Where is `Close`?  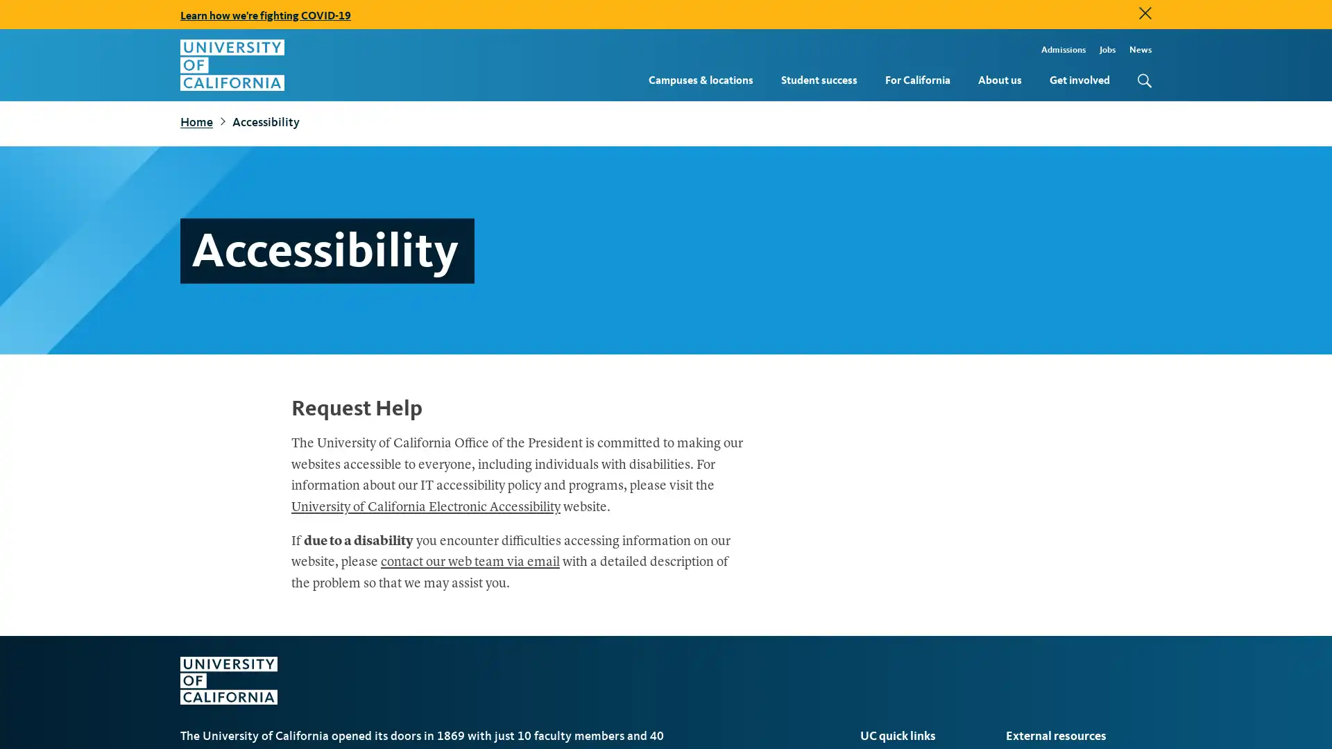 Close is located at coordinates (1145, 13).